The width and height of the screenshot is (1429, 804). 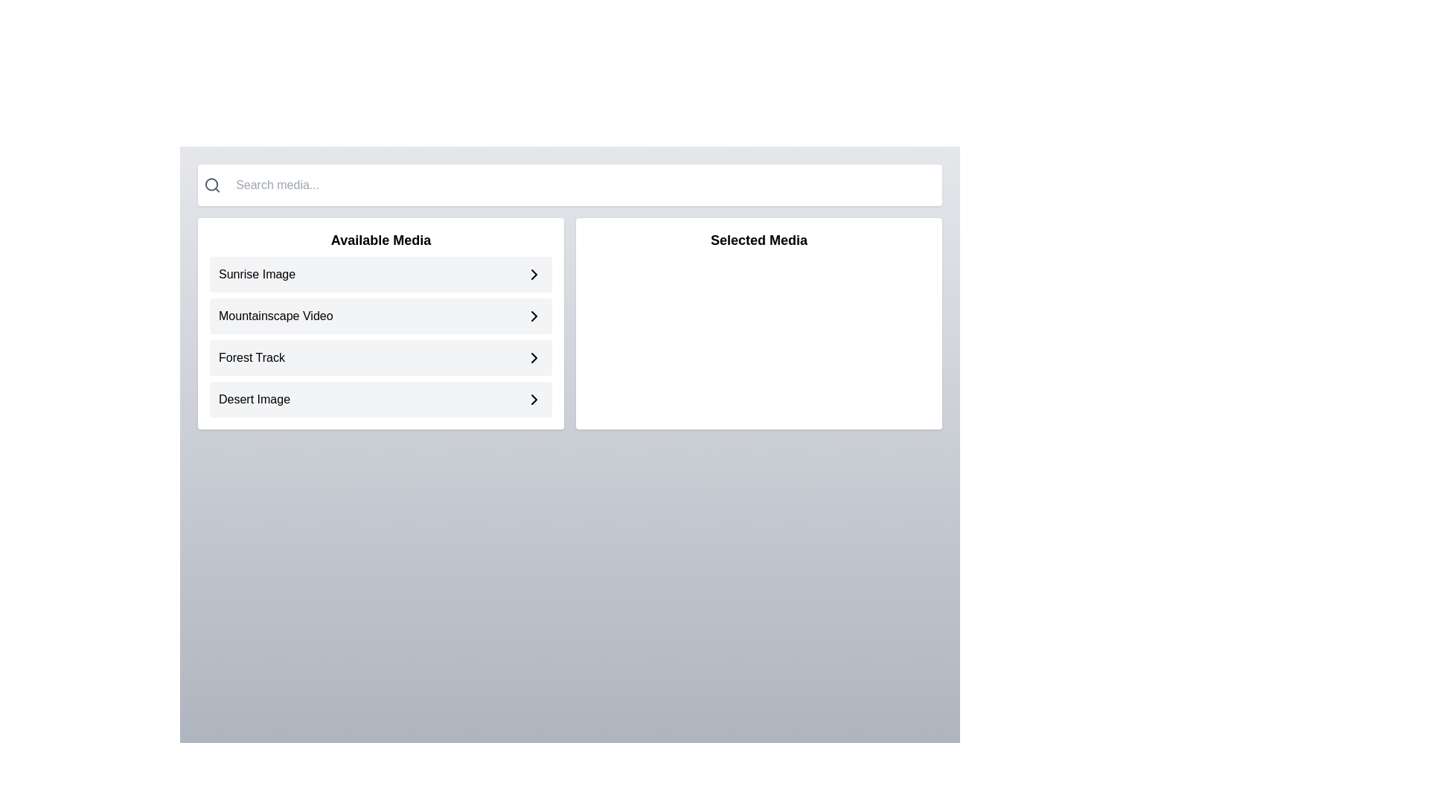 What do you see at coordinates (534, 275) in the screenshot?
I see `the chevron icon located to the right of the 'Sunrise Image' row in the 'Available Media' section` at bounding box center [534, 275].